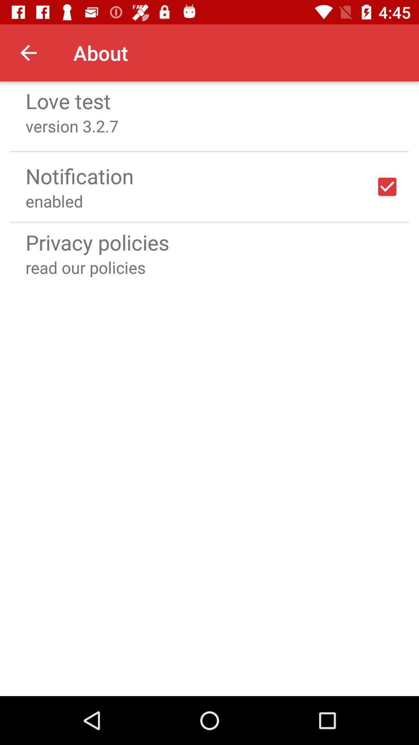 This screenshot has height=745, width=419. I want to click on icon to the left of the about, so click(28, 52).